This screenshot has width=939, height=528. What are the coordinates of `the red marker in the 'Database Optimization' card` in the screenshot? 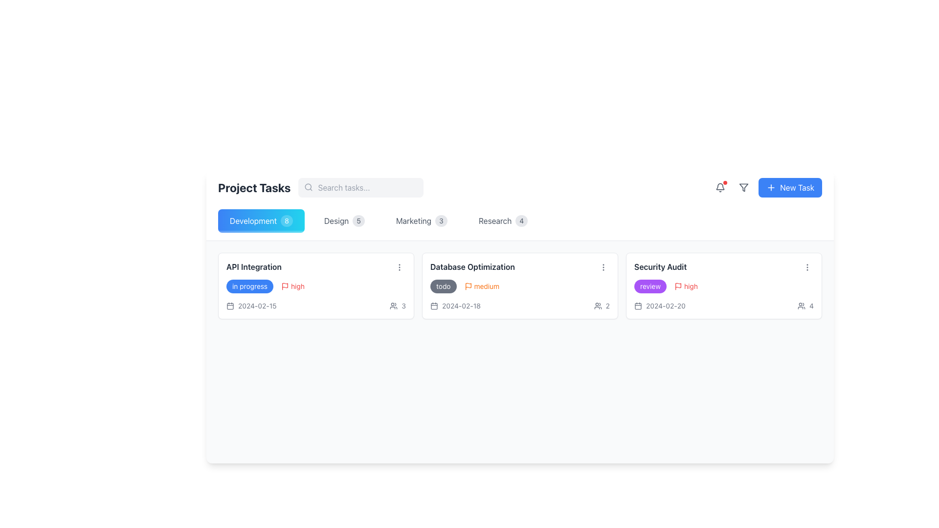 It's located at (519, 286).